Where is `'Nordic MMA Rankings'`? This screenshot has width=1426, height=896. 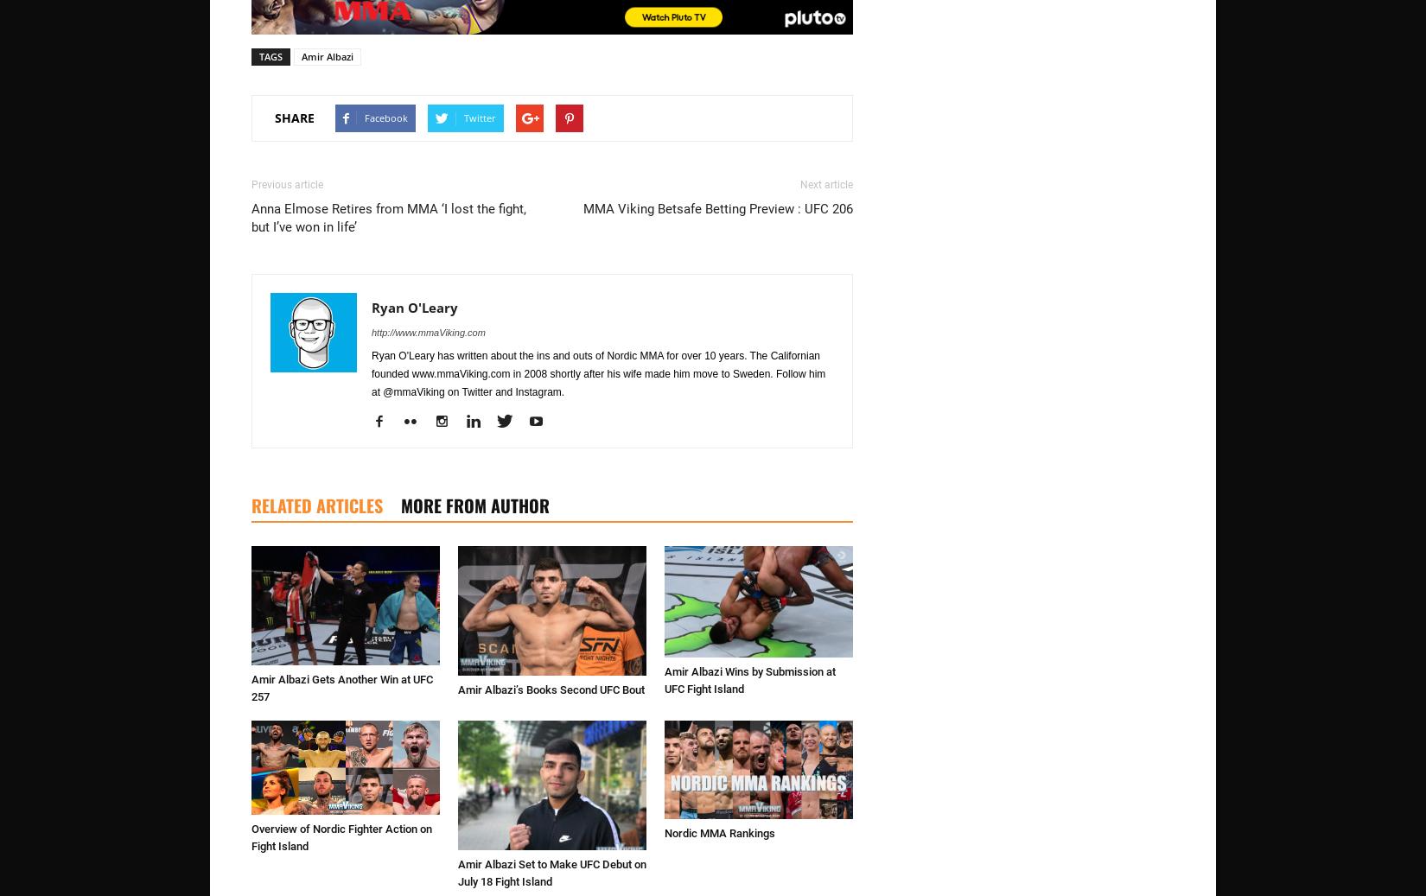 'Nordic MMA Rankings' is located at coordinates (719, 833).